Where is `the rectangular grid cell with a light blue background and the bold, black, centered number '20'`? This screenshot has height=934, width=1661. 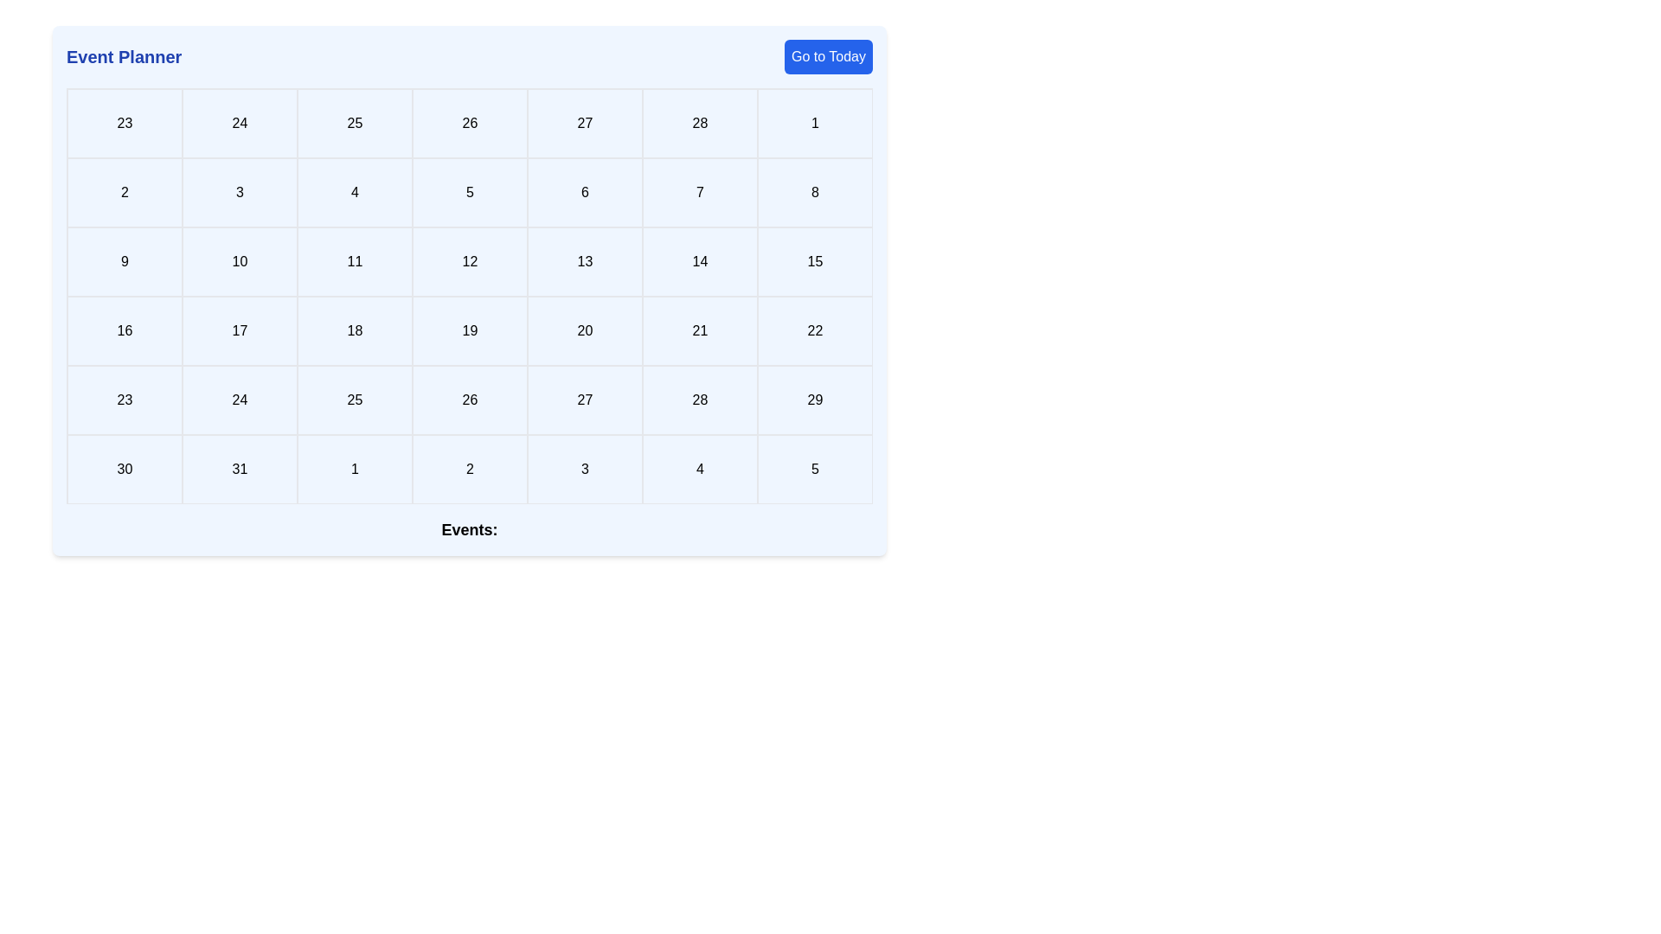
the rectangular grid cell with a light blue background and the bold, black, centered number '20' is located at coordinates (585, 330).